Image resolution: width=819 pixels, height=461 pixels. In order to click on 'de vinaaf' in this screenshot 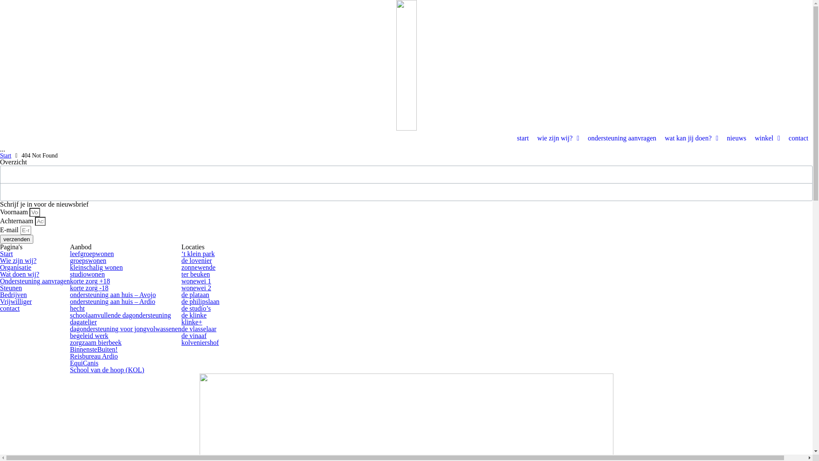, I will do `click(193, 335)`.